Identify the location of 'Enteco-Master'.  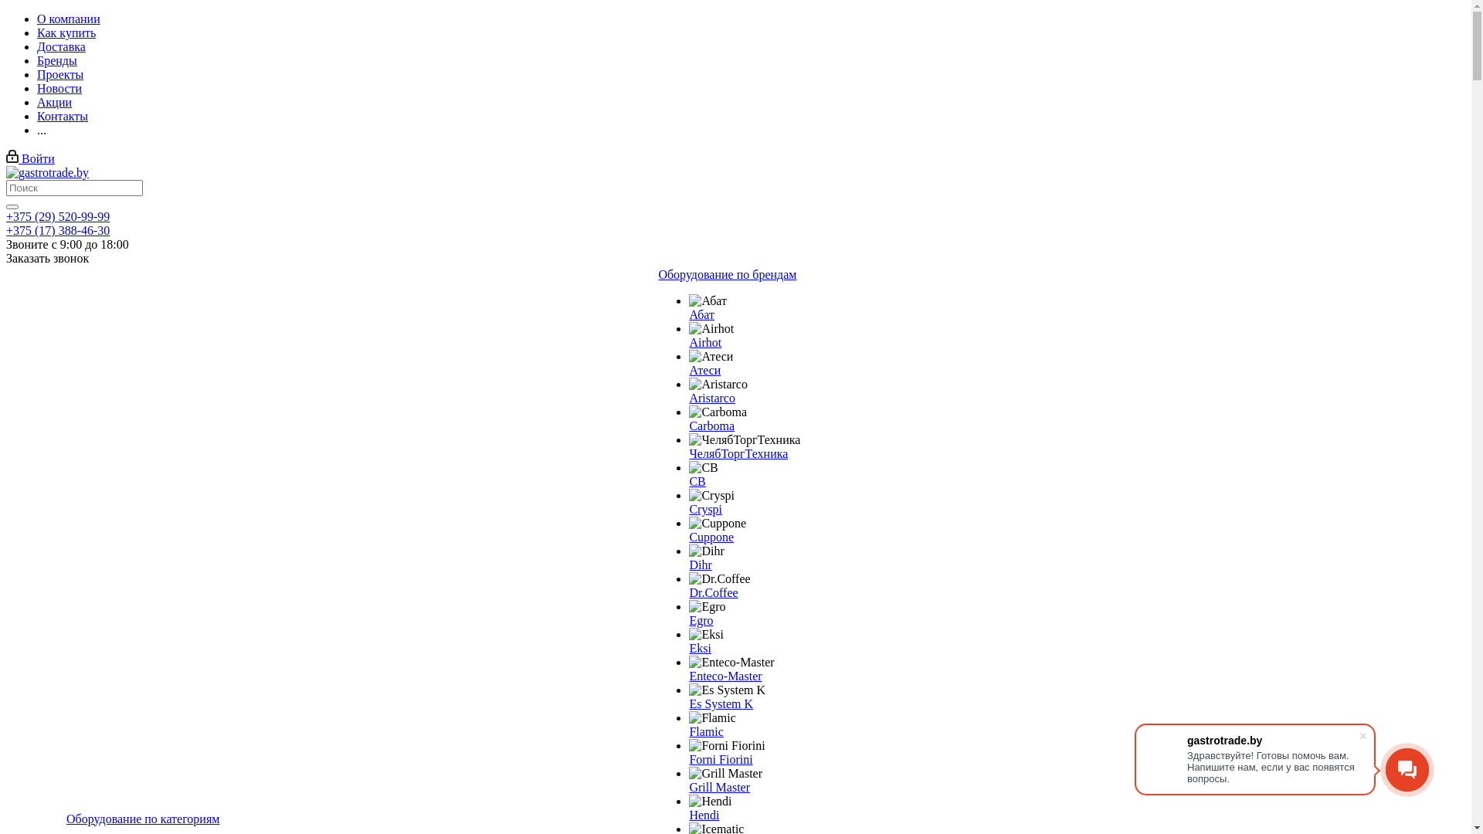
(688, 675).